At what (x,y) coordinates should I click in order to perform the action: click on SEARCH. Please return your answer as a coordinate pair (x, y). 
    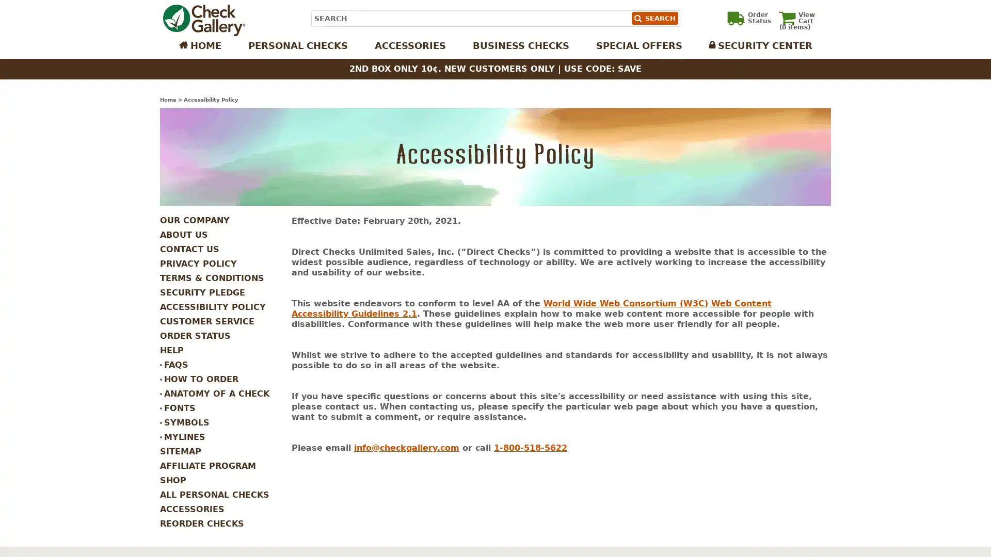
    Looking at the image, I should click on (653, 18).